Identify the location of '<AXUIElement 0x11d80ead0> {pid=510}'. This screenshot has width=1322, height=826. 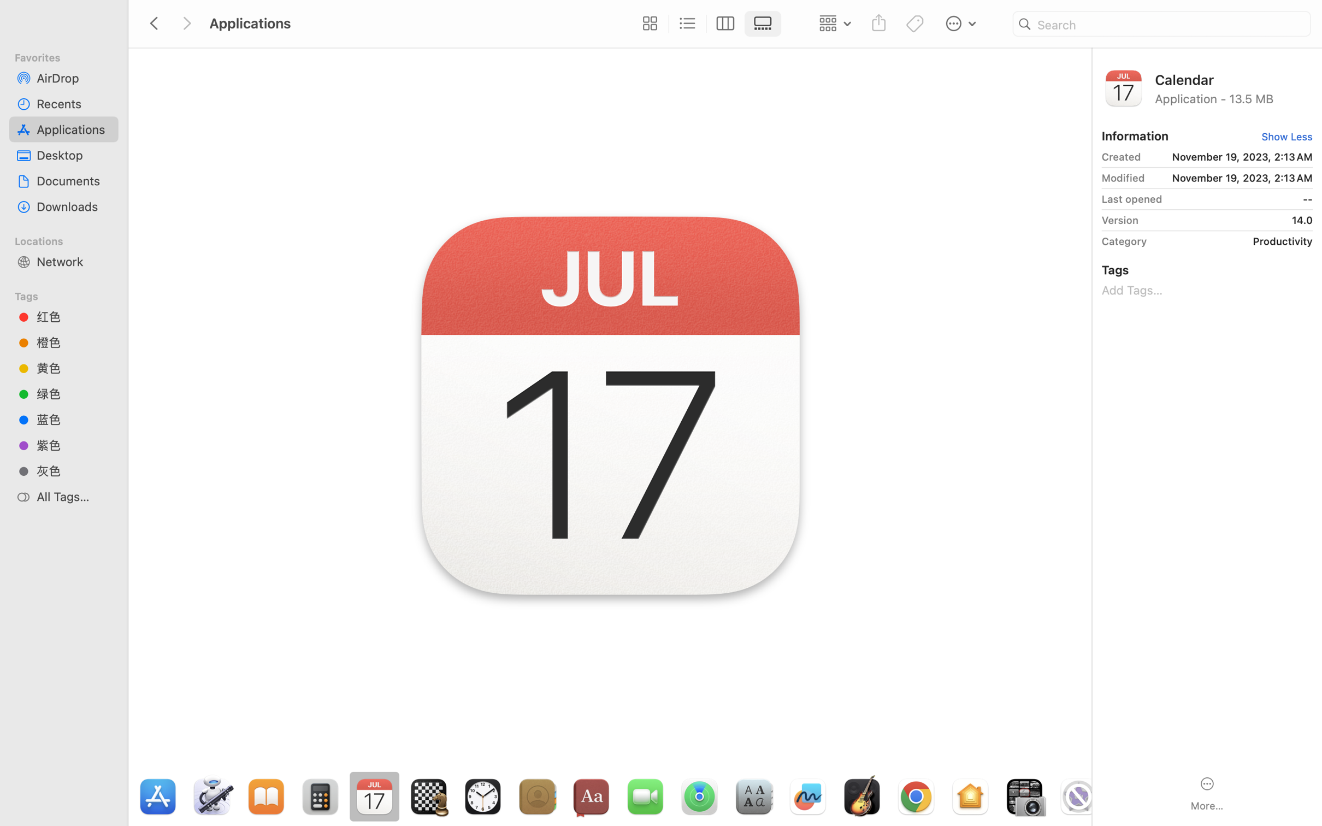
(706, 24).